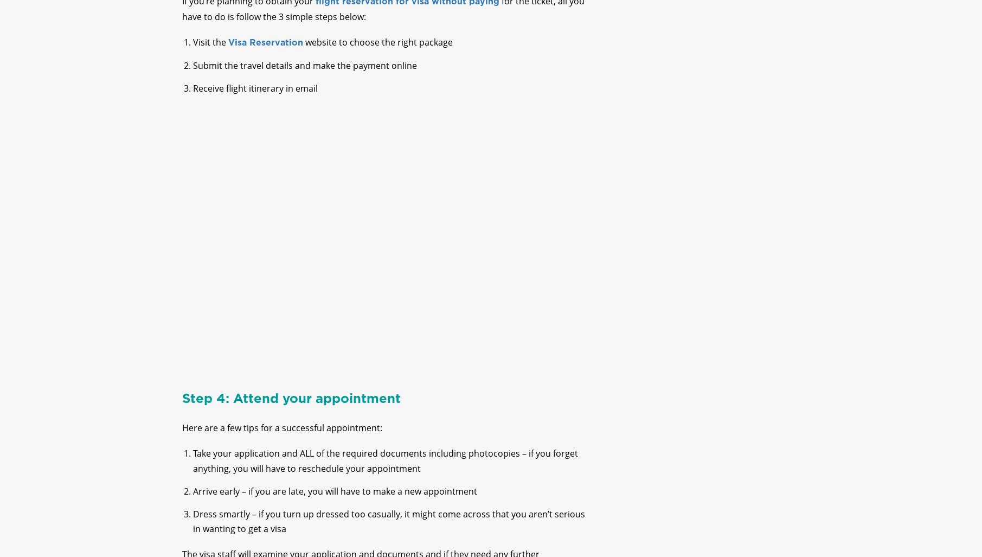 This screenshot has height=557, width=982. I want to click on 'Arrive early – if you are late, you will have to make a new appointment', so click(335, 500).